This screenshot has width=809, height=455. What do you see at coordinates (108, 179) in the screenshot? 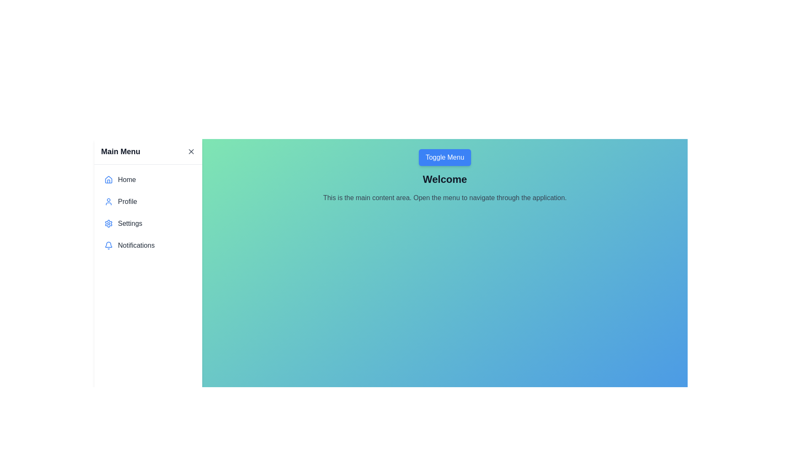
I see `the house SVG icon located in the navigation menu, which is styled with a blue stroke and minimalist design, positioned to the left of the 'Home' text label` at bounding box center [108, 179].